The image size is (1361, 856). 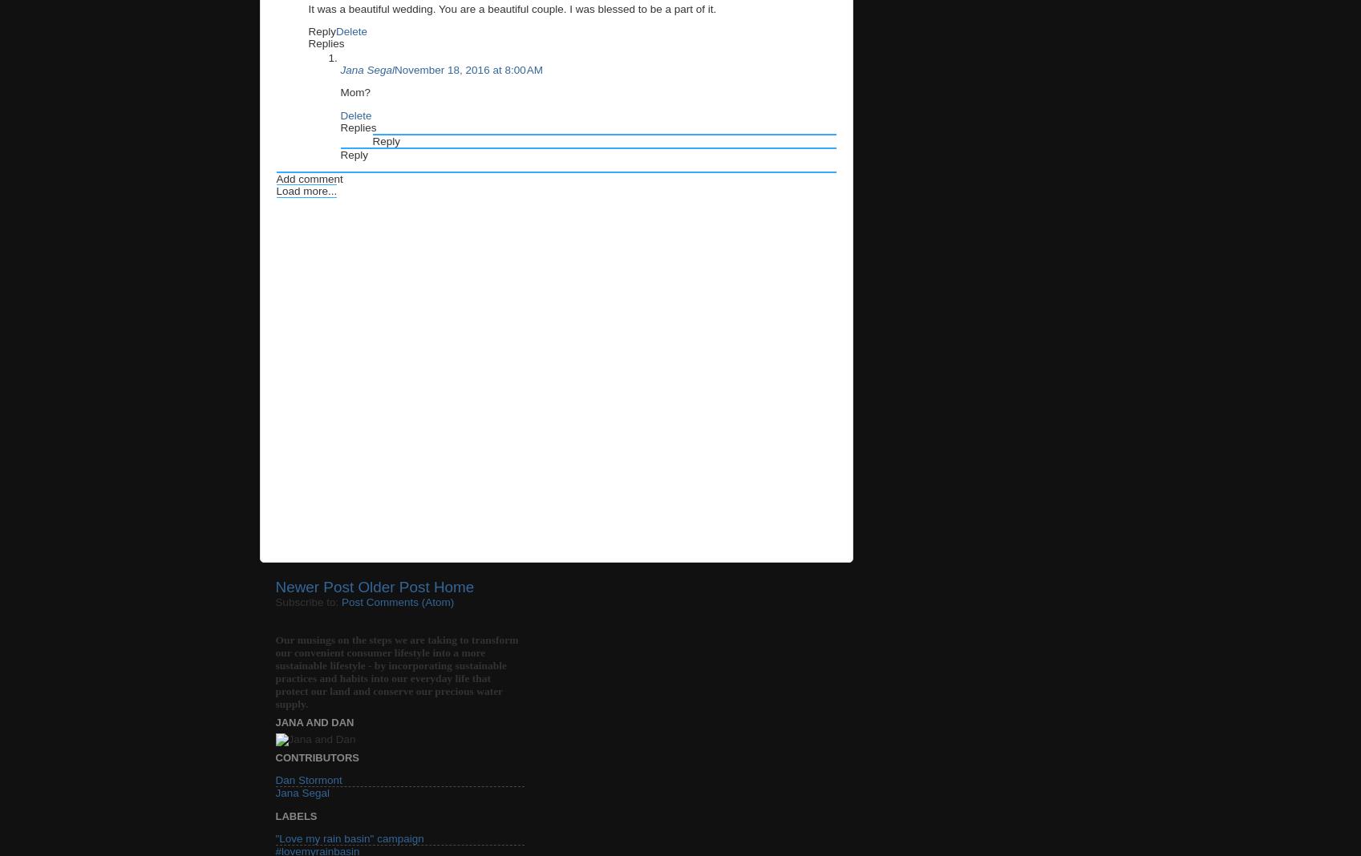 What do you see at coordinates (432, 587) in the screenshot?
I see `'Home'` at bounding box center [432, 587].